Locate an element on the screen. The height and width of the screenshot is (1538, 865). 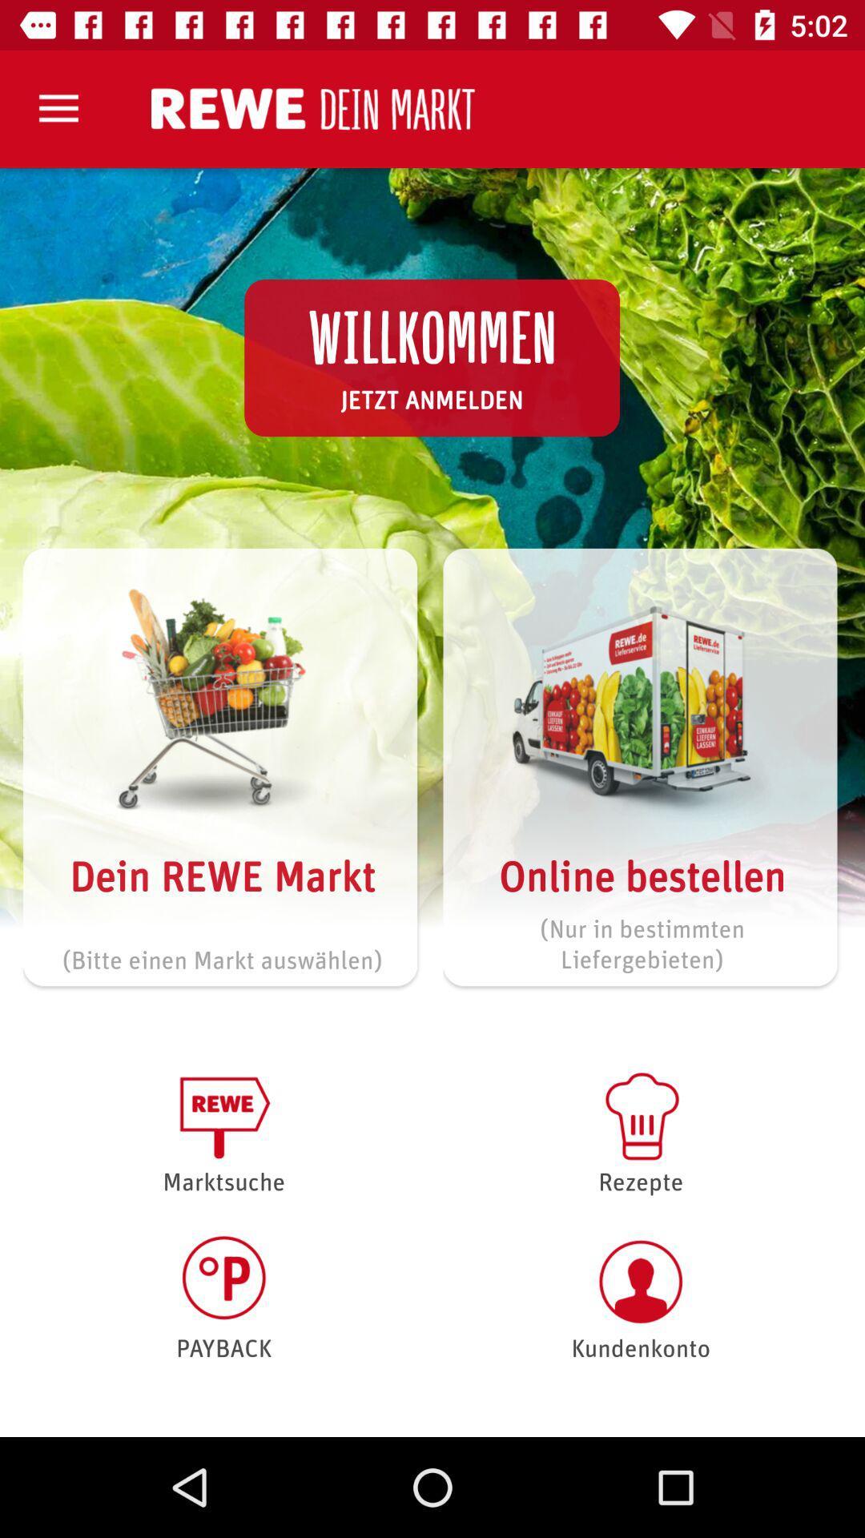
item to the left of the rezepte icon is located at coordinates (223, 1298).